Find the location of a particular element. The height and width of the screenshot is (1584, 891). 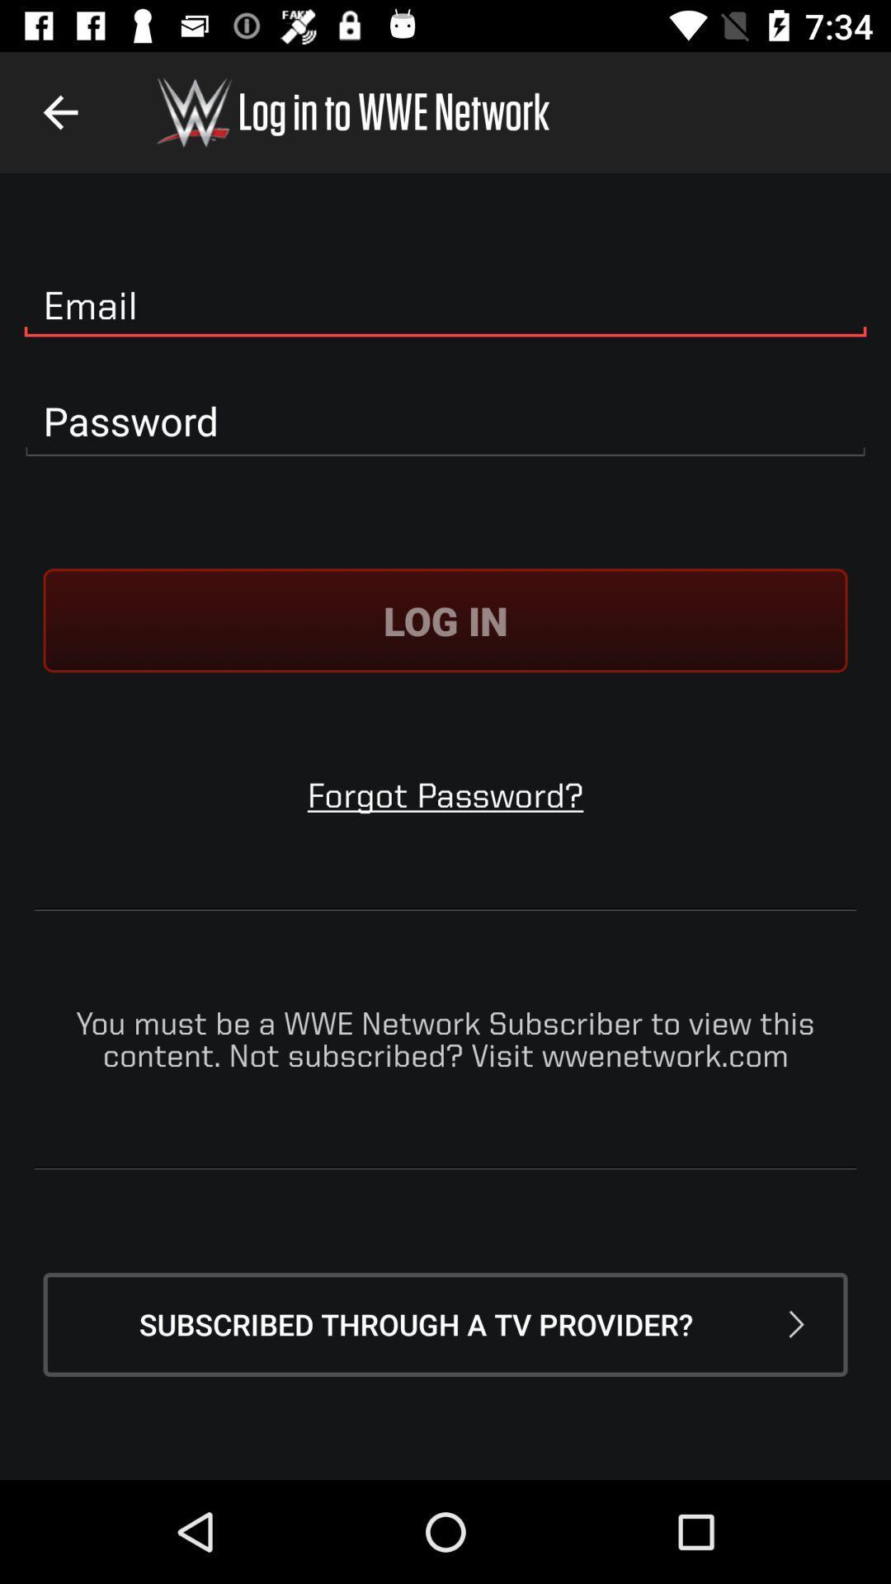

input email address is located at coordinates (445, 306).